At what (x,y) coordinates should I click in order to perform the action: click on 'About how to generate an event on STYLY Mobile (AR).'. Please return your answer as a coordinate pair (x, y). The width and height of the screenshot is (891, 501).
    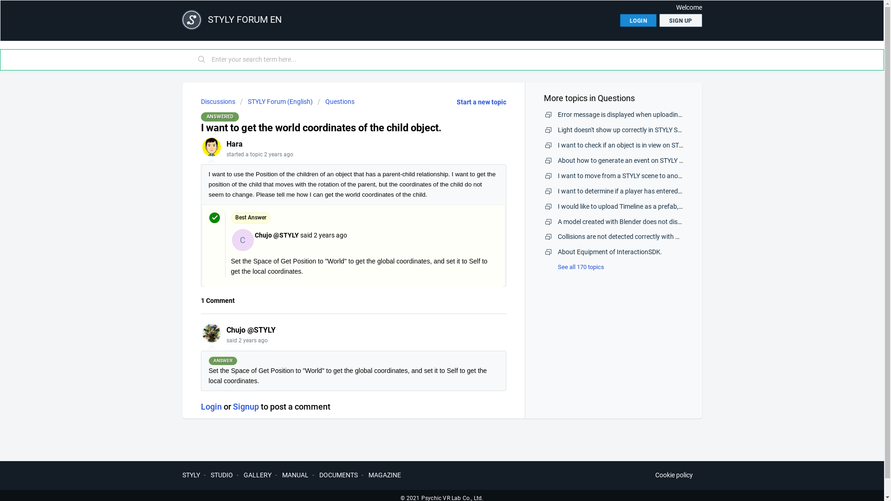
    Looking at the image, I should click on (635, 160).